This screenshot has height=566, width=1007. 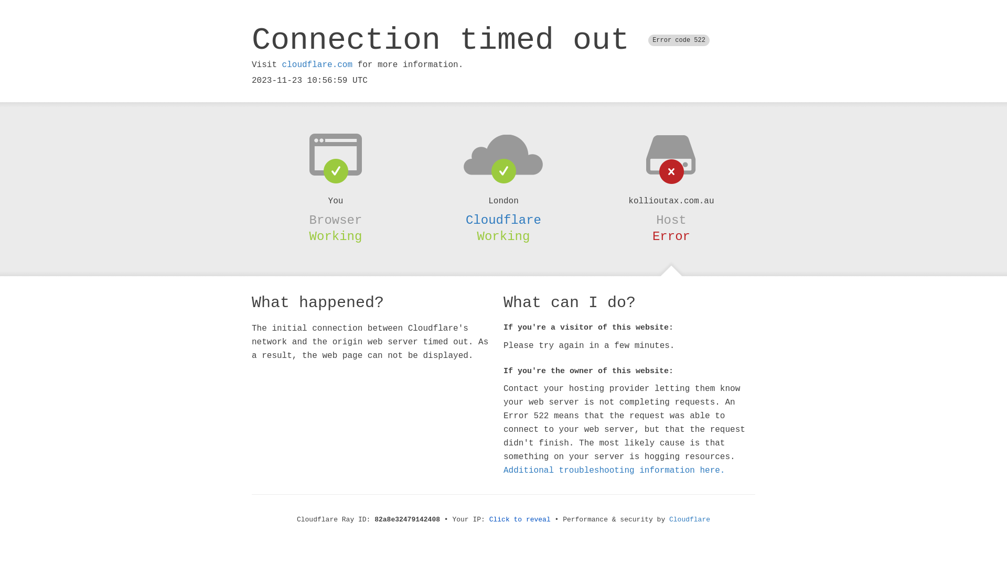 What do you see at coordinates (690, 519) in the screenshot?
I see `'Cloudflare'` at bounding box center [690, 519].